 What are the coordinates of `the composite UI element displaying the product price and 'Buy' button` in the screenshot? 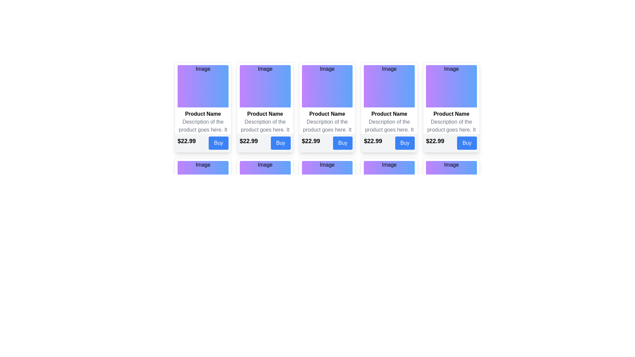 It's located at (202, 142).